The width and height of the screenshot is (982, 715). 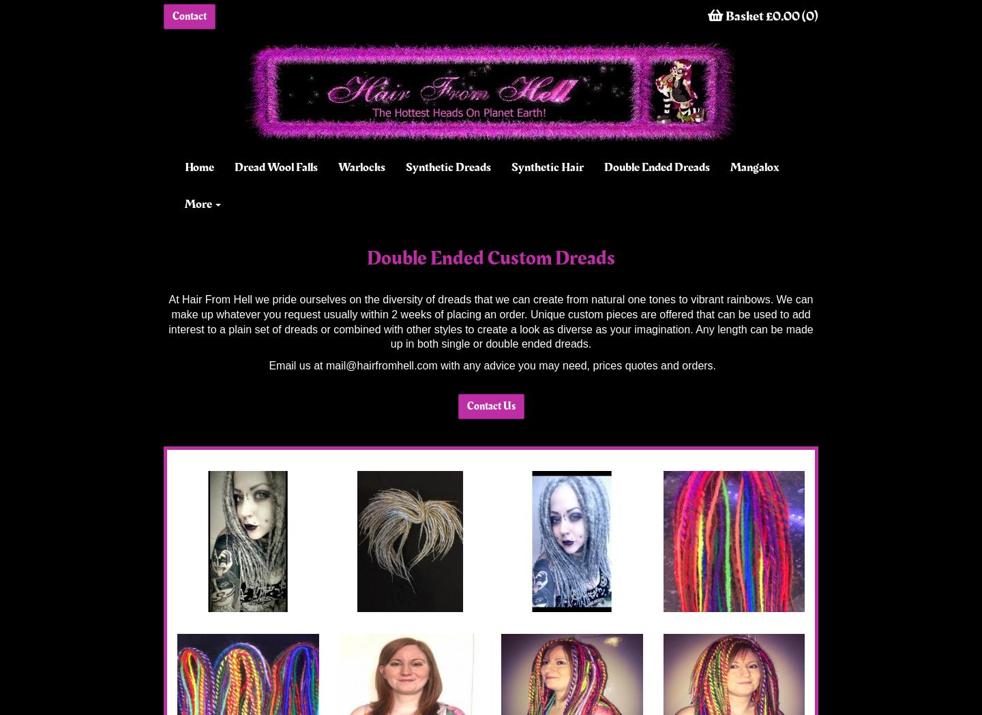 I want to click on 'Double Ended Custom Dreads', so click(x=491, y=257).